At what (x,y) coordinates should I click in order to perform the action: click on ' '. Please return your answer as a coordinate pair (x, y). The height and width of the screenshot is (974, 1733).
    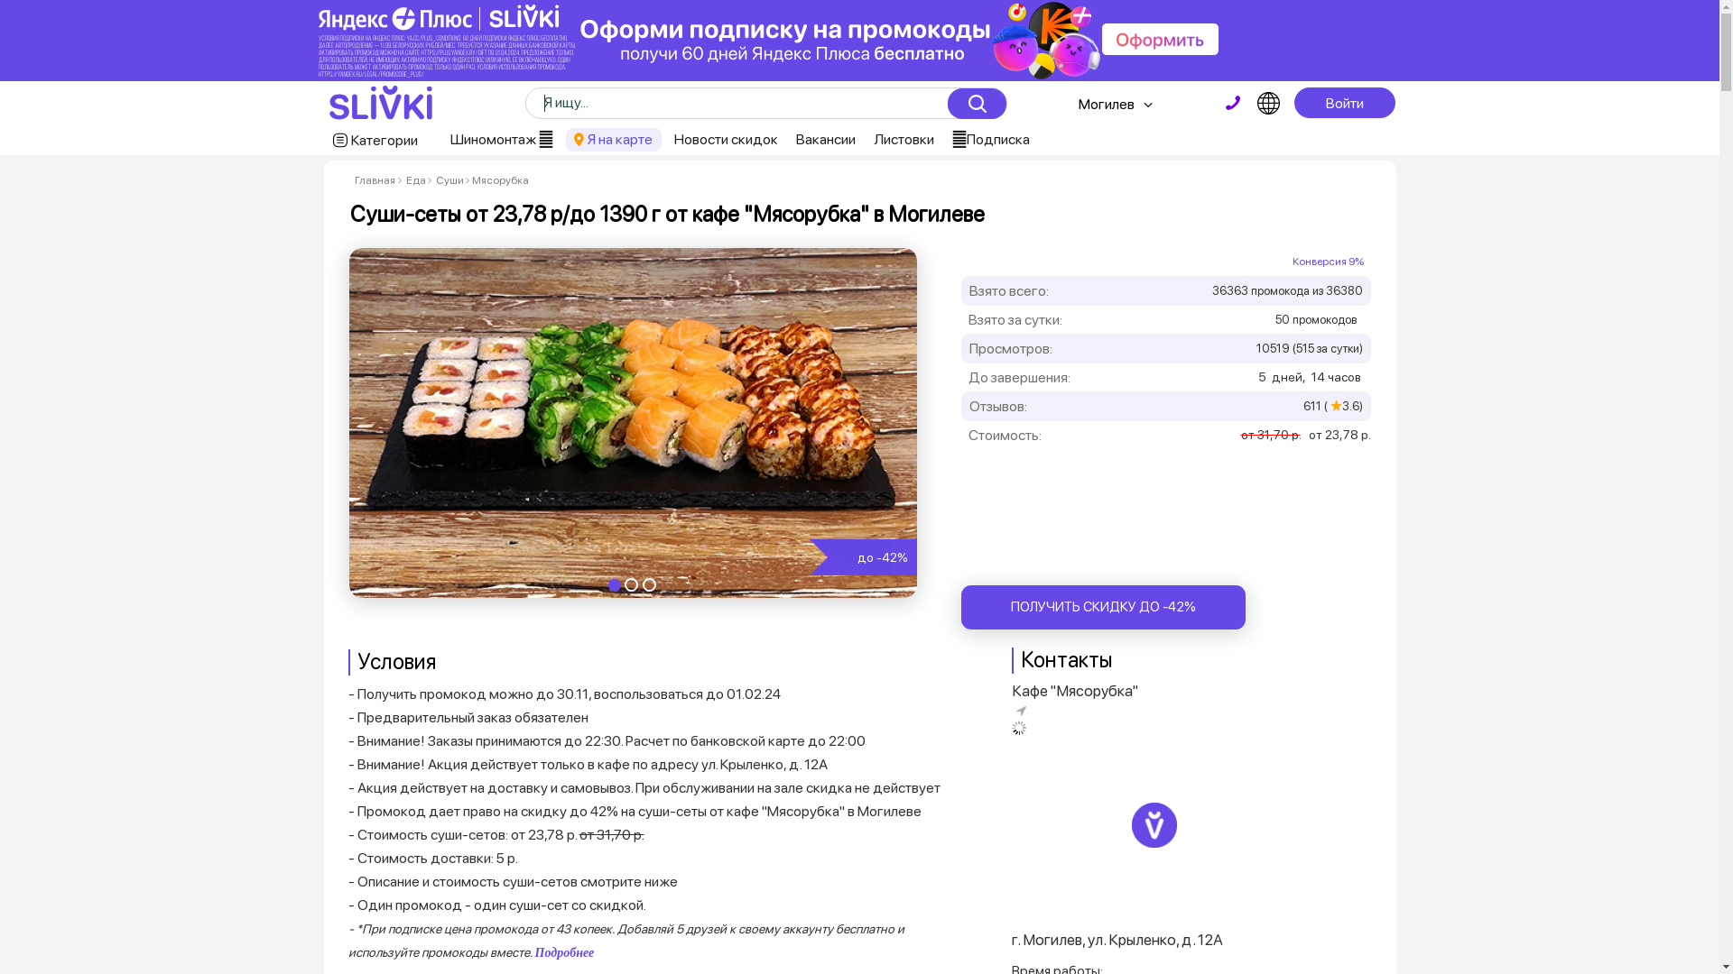
    Looking at the image, I should click on (1232, 103).